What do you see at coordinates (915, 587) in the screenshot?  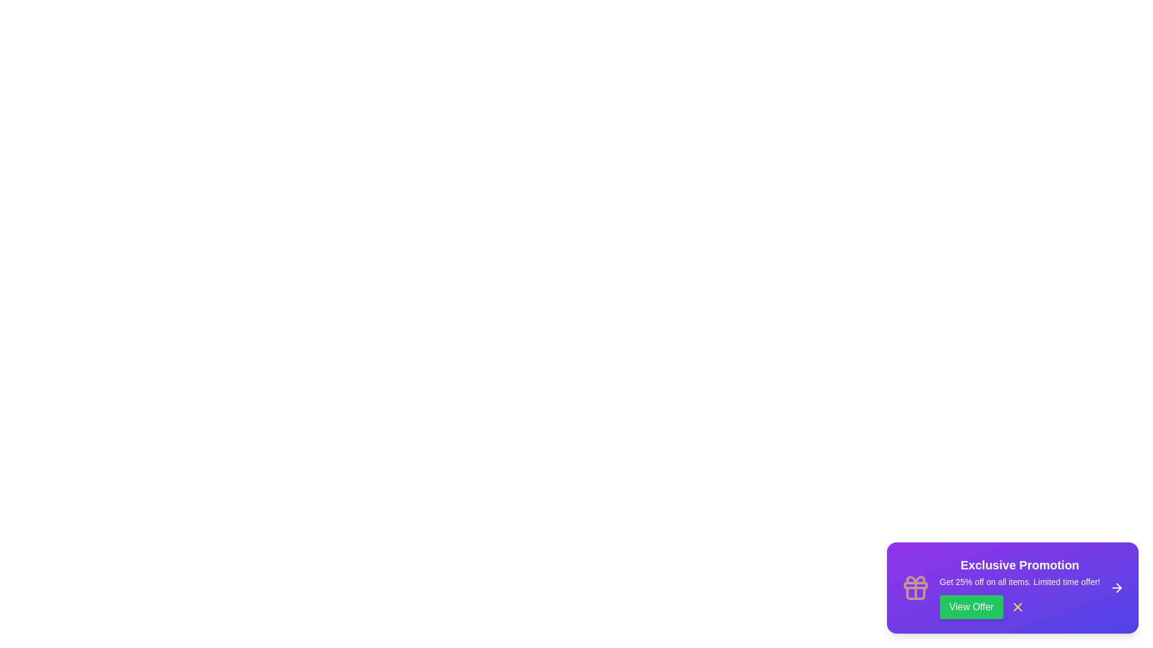 I see `the gift icon to emphasize the promotion` at bounding box center [915, 587].